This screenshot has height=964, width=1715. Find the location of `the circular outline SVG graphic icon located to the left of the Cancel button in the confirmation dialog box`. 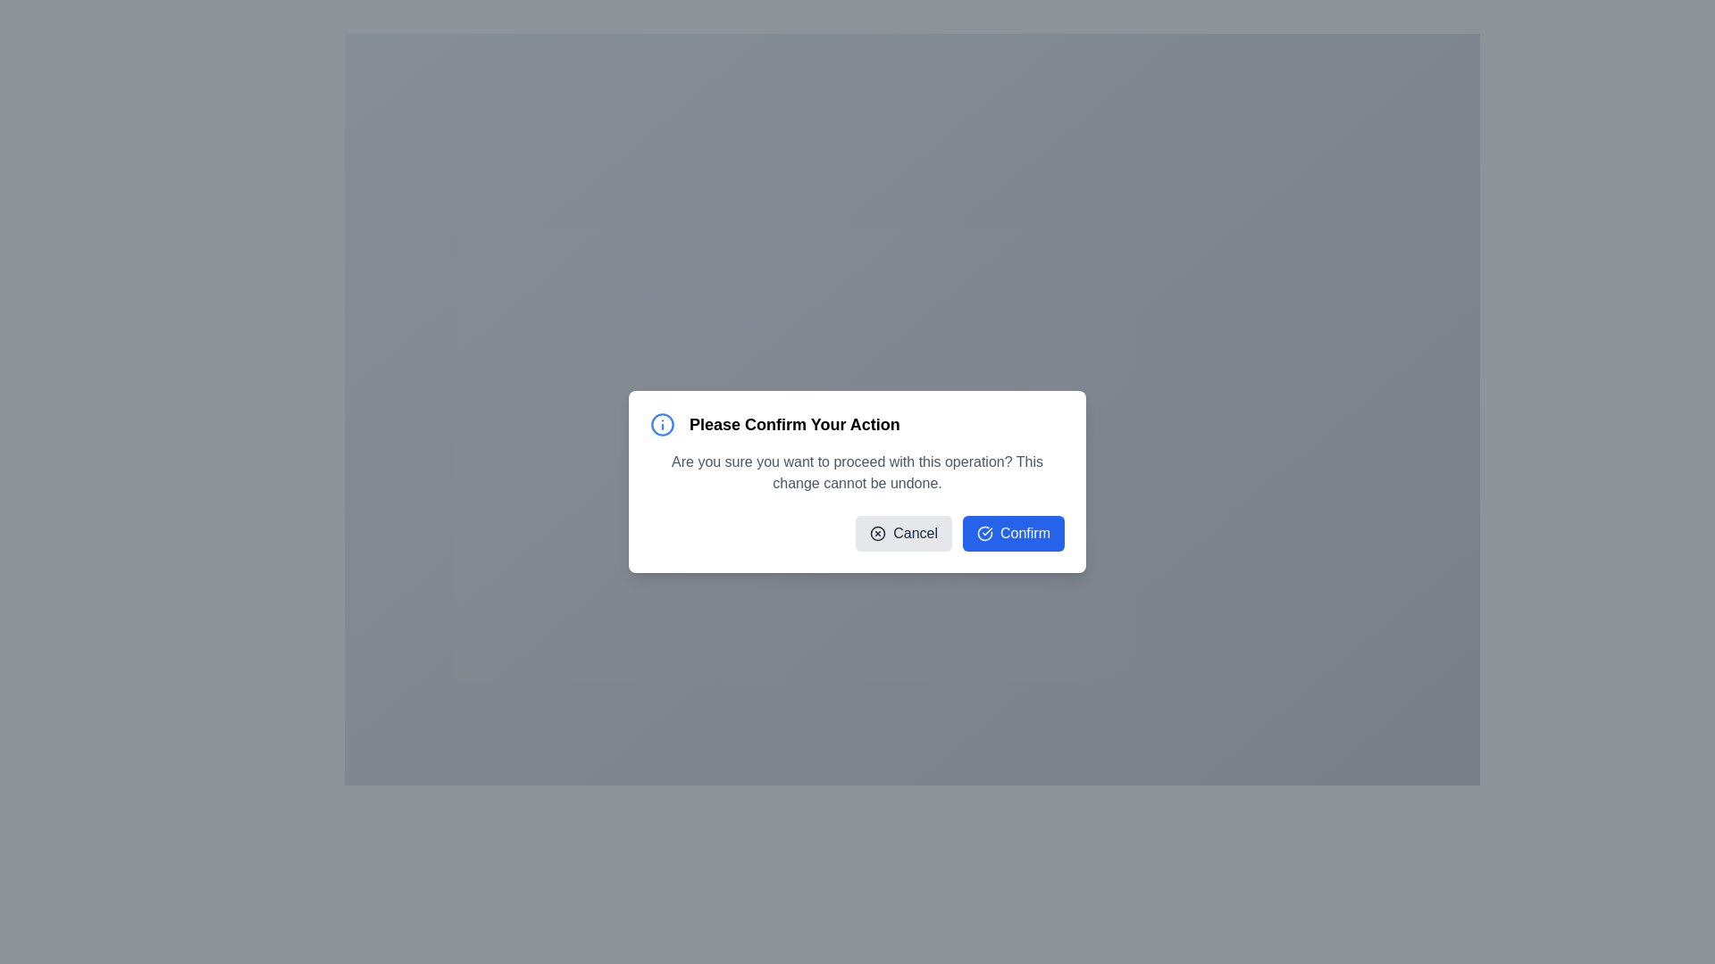

the circular outline SVG graphic icon located to the left of the Cancel button in the confirmation dialog box is located at coordinates (878, 532).